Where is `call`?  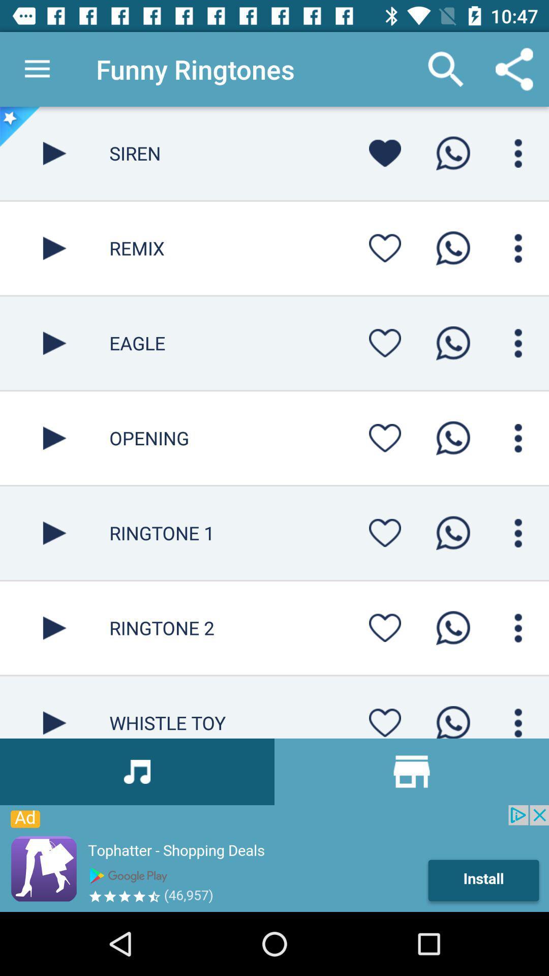
call is located at coordinates (452, 627).